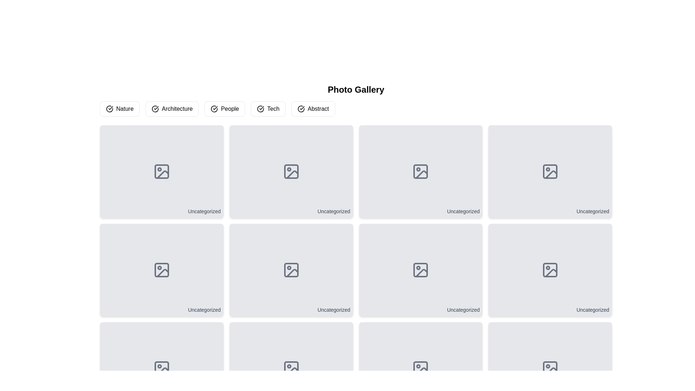 The height and width of the screenshot is (391, 695). I want to click on the photo icon with a mountain and sun/moon representation, which is centered within a rectangular card labeled 'Uncategorized' in the grid layout, so click(291, 172).